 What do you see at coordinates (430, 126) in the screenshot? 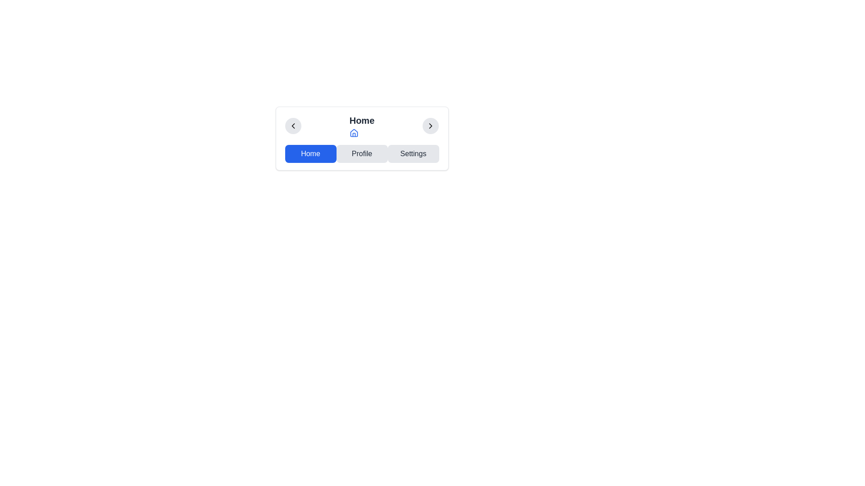
I see `the circular button with a light gray background and a black right-pointing chevron icon to change its background color` at bounding box center [430, 126].